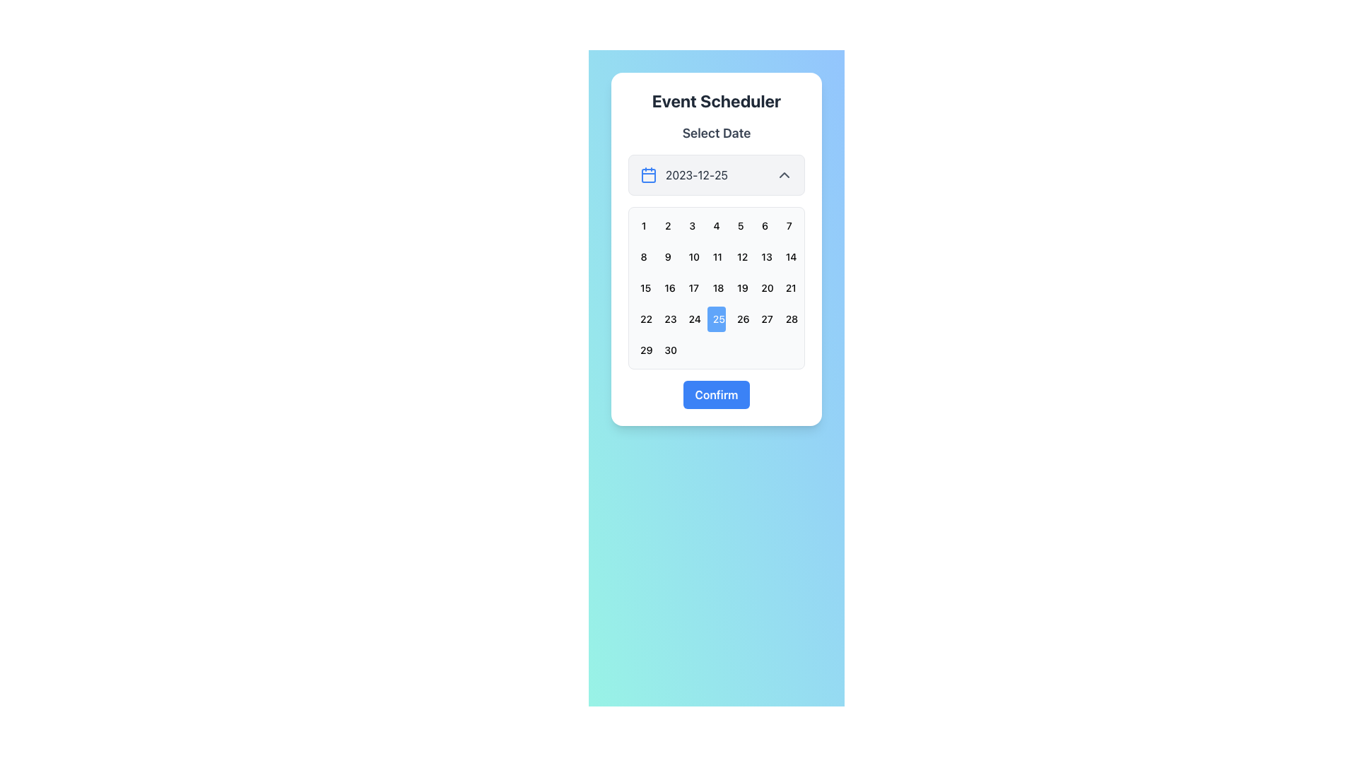 This screenshot has width=1357, height=763. Describe the element at coordinates (643, 319) in the screenshot. I see `the calendar day button displaying the number '22', located` at that location.